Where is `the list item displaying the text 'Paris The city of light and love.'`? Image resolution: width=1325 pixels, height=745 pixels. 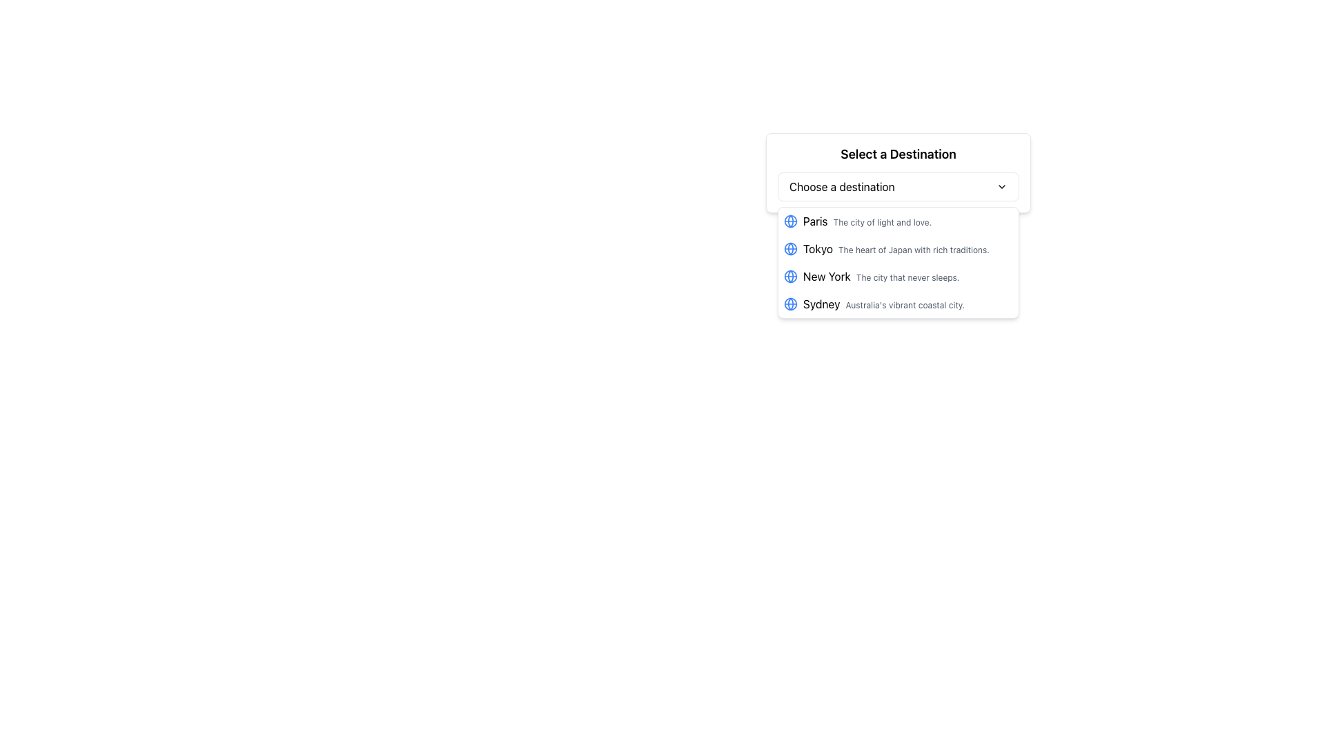 the list item displaying the text 'Paris The city of light and love.' is located at coordinates (898, 220).